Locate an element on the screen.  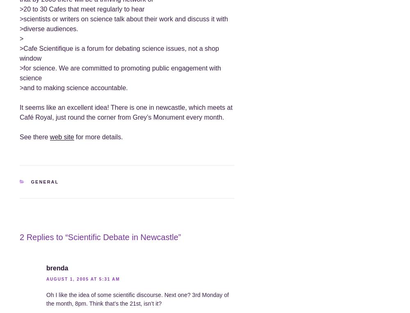
'2 Replies to “Scientific Debate in Newcastle”' is located at coordinates (100, 237).